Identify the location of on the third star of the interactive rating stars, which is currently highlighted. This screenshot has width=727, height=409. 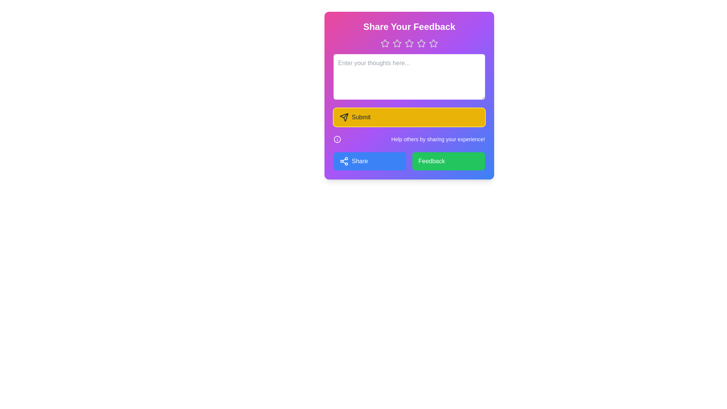
(409, 44).